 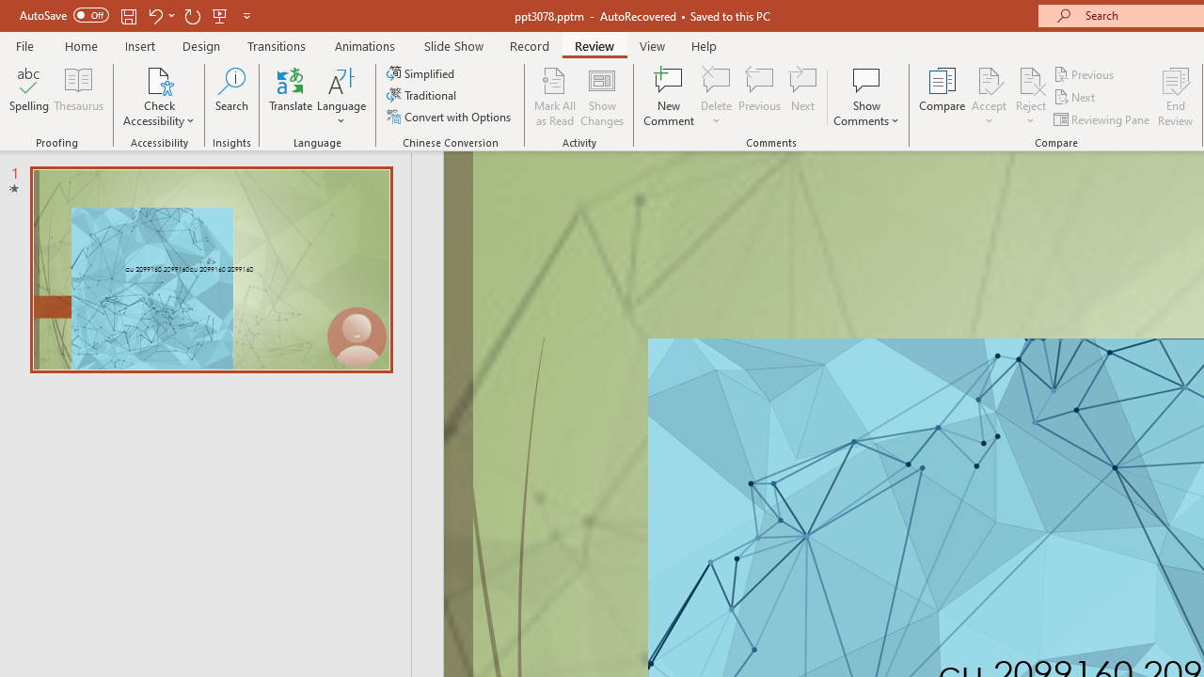 I want to click on 'Convert with Options...', so click(x=450, y=117).